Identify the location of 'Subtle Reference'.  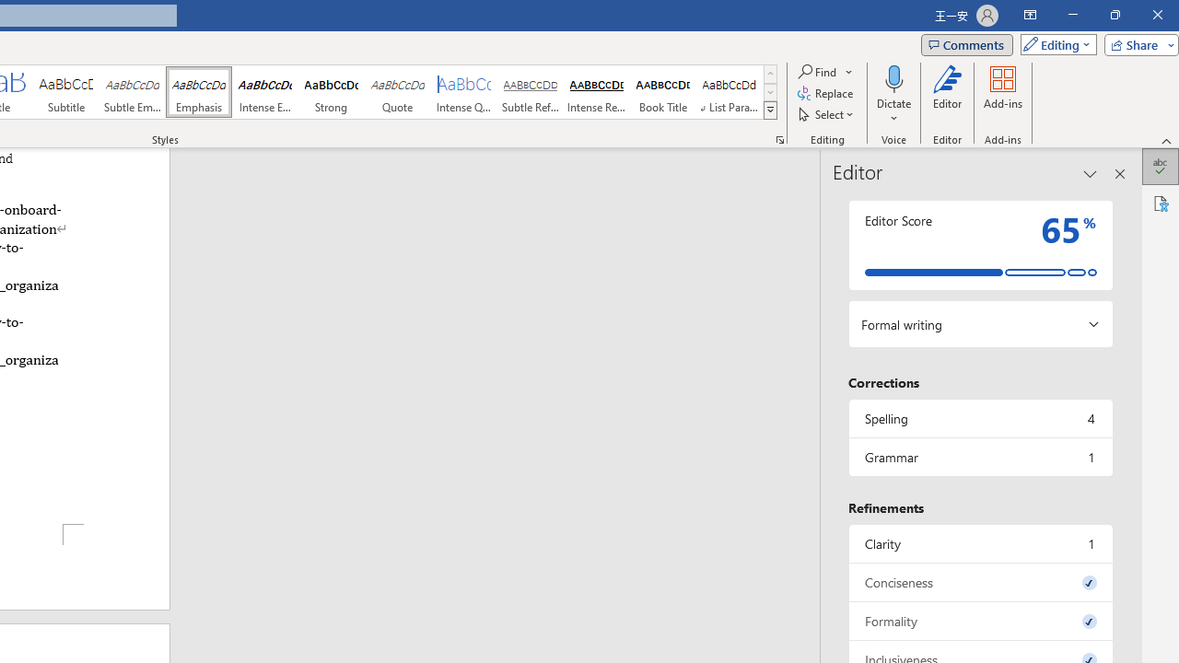
(530, 92).